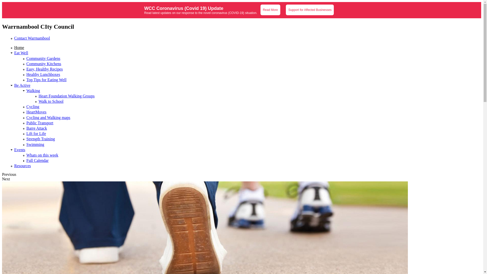  What do you see at coordinates (48, 117) in the screenshot?
I see `'Cycling and Walking maps'` at bounding box center [48, 117].